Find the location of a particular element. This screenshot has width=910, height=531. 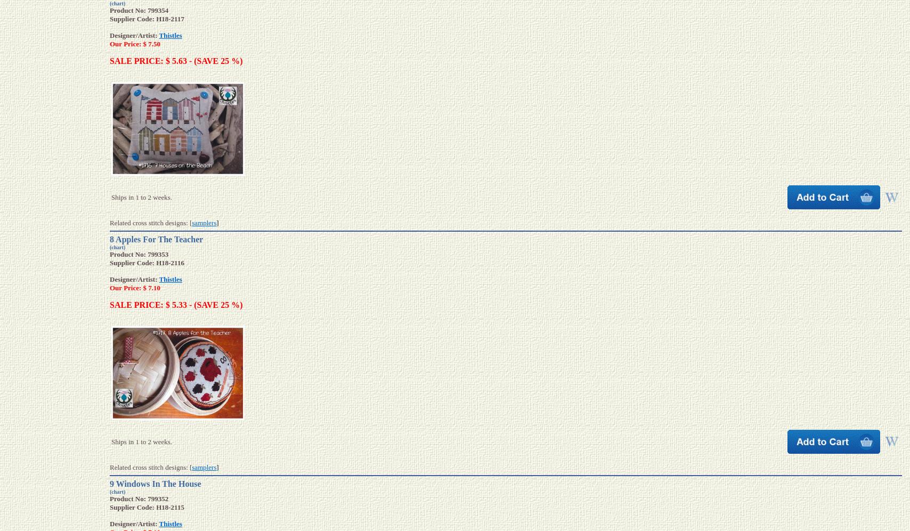

'Our Price: $ 7.10' is located at coordinates (135, 287).